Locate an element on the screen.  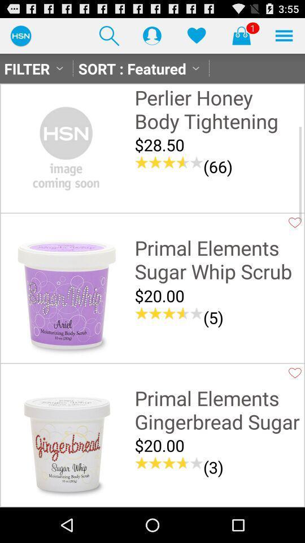
profile is located at coordinates (152, 35).